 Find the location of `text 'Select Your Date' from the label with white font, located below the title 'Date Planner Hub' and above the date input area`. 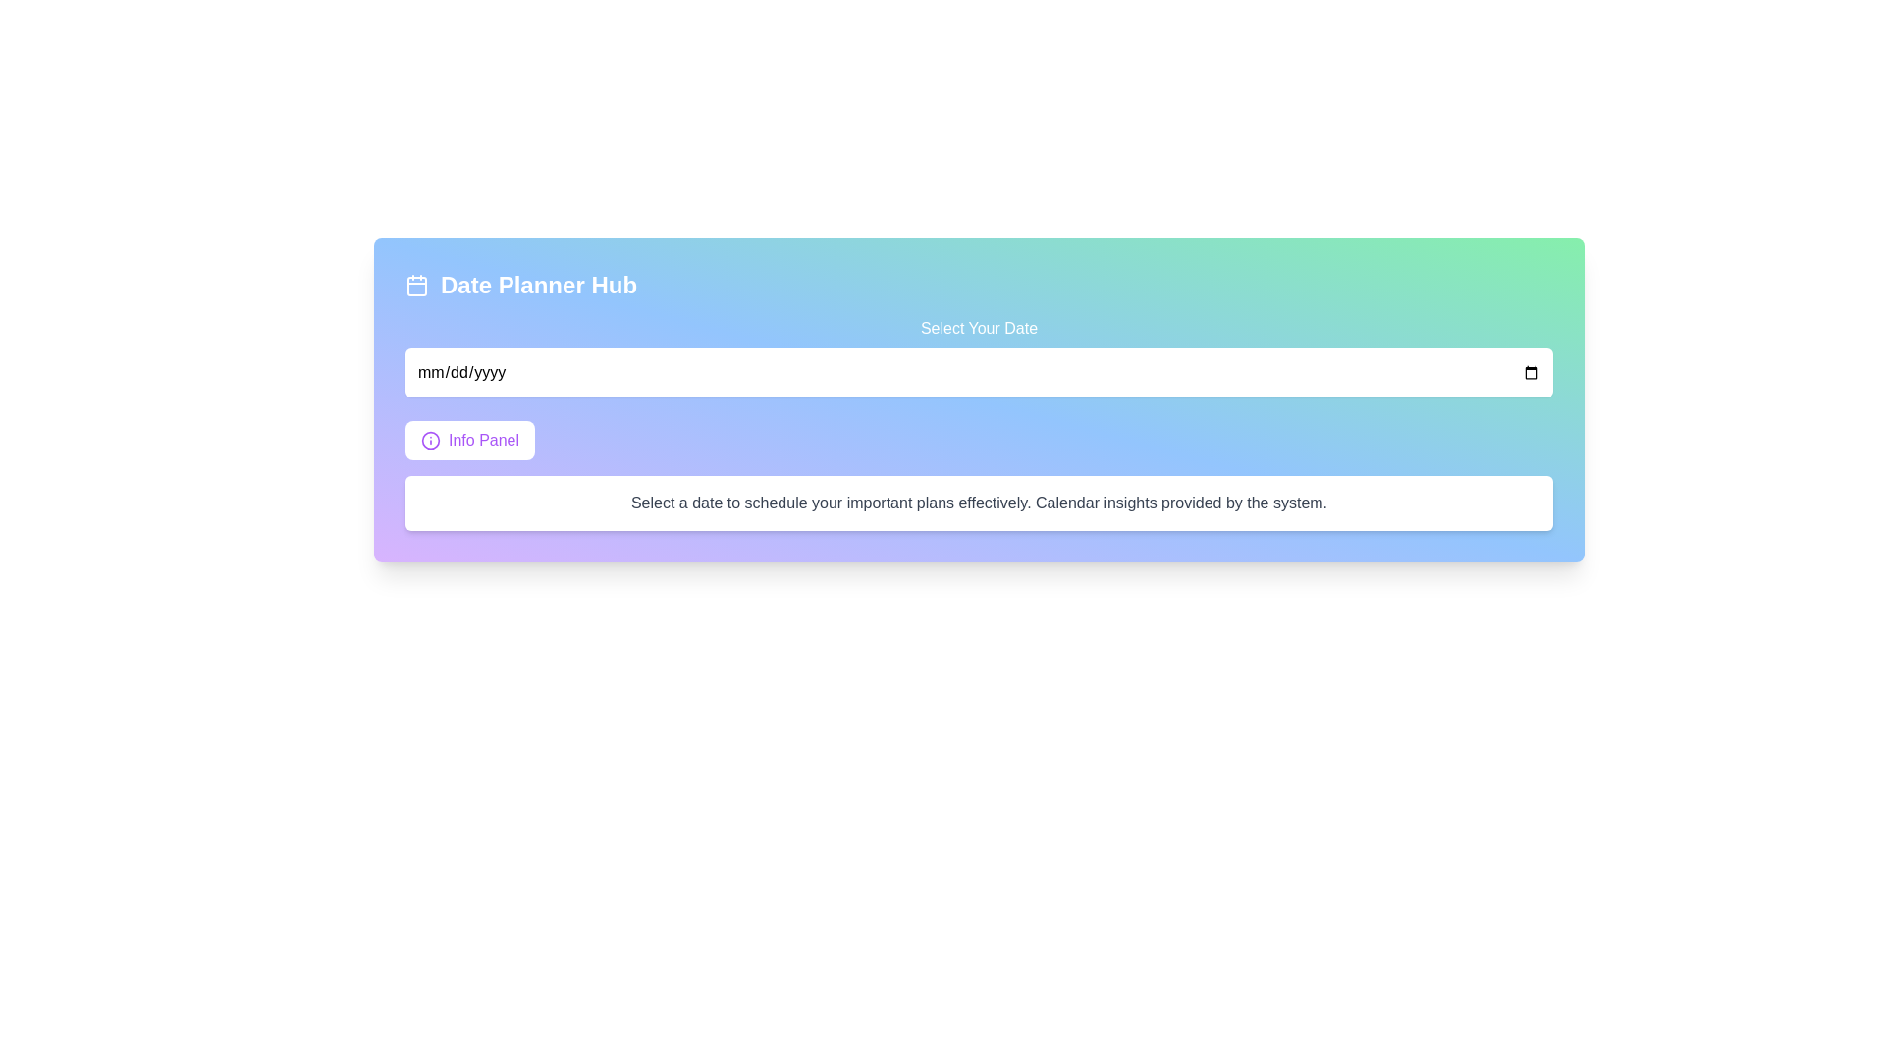

text 'Select Your Date' from the label with white font, located below the title 'Date Planner Hub' and above the date input area is located at coordinates (979, 356).